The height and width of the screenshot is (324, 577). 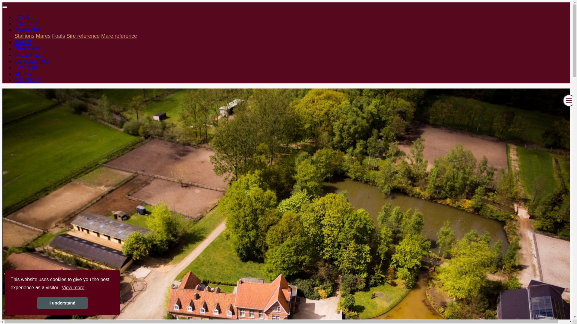 What do you see at coordinates (52, 36) in the screenshot?
I see `'Foals'` at bounding box center [52, 36].